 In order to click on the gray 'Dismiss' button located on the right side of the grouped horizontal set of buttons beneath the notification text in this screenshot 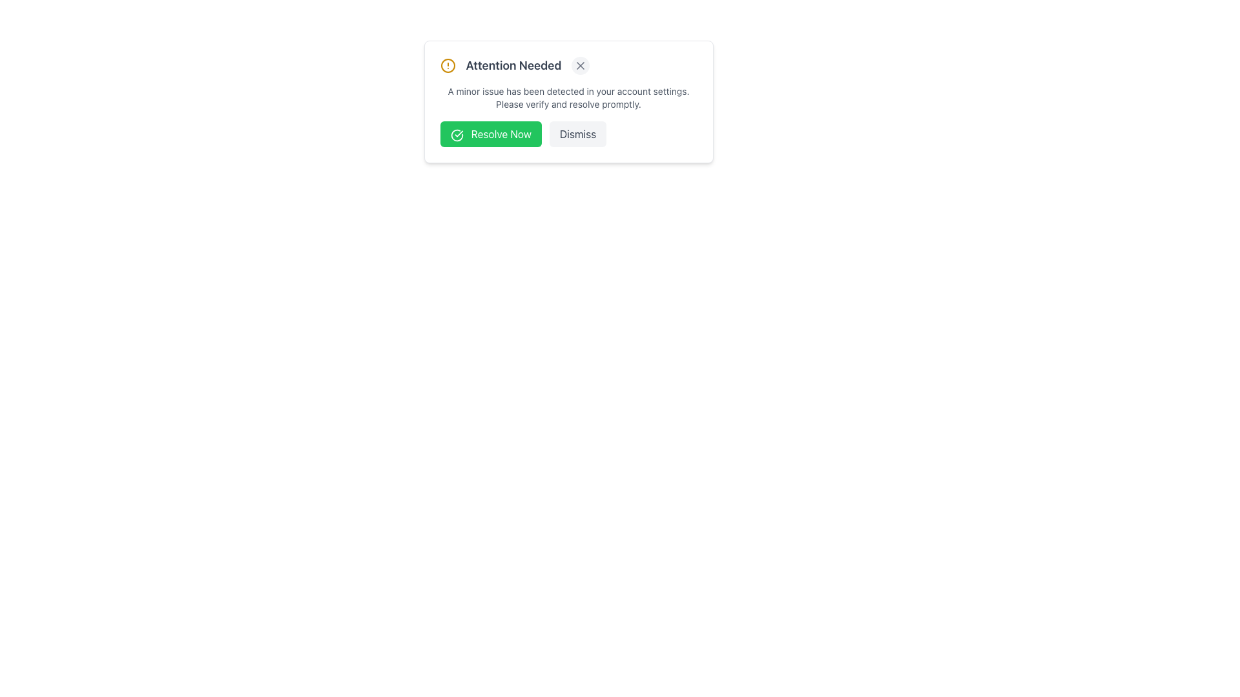, I will do `click(568, 134)`.